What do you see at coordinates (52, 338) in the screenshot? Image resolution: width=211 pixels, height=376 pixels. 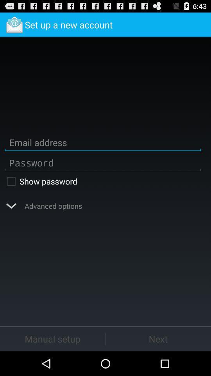 I see `manual setup item` at bounding box center [52, 338].